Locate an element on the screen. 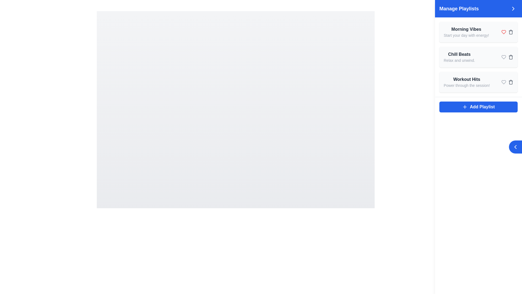  the plus icon within the 'Add Playlist' button is located at coordinates (465, 107).